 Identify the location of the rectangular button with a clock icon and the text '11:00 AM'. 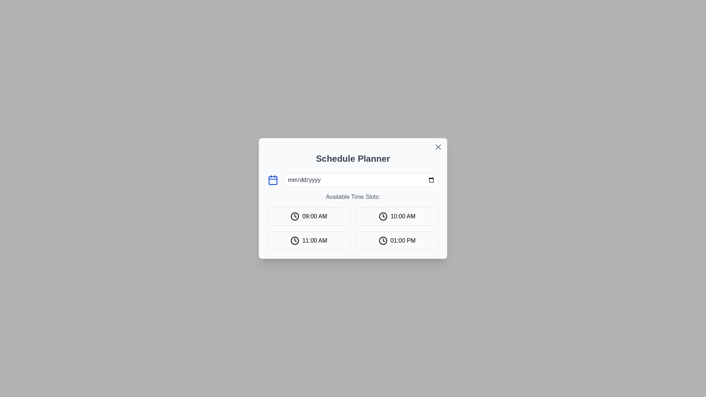
(309, 241).